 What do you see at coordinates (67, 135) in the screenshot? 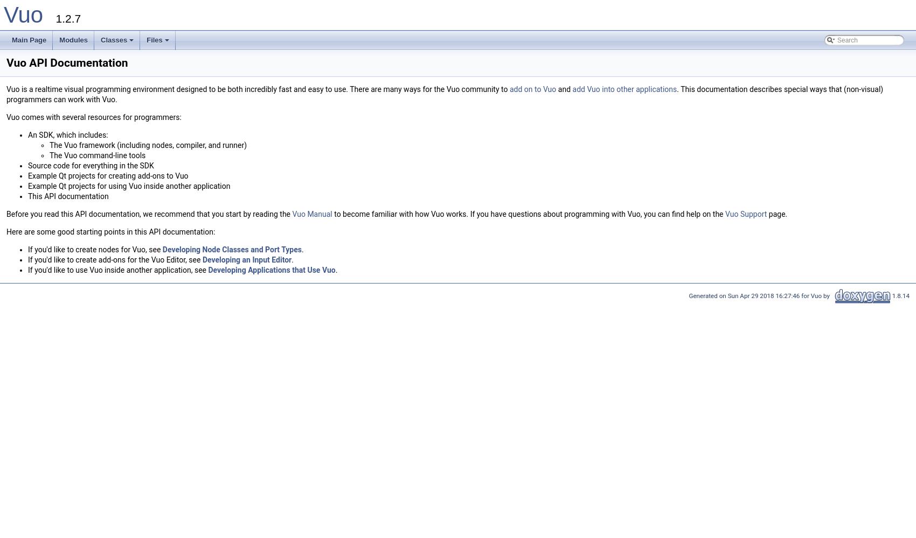
I see `'An SDK, which includes:'` at bounding box center [67, 135].